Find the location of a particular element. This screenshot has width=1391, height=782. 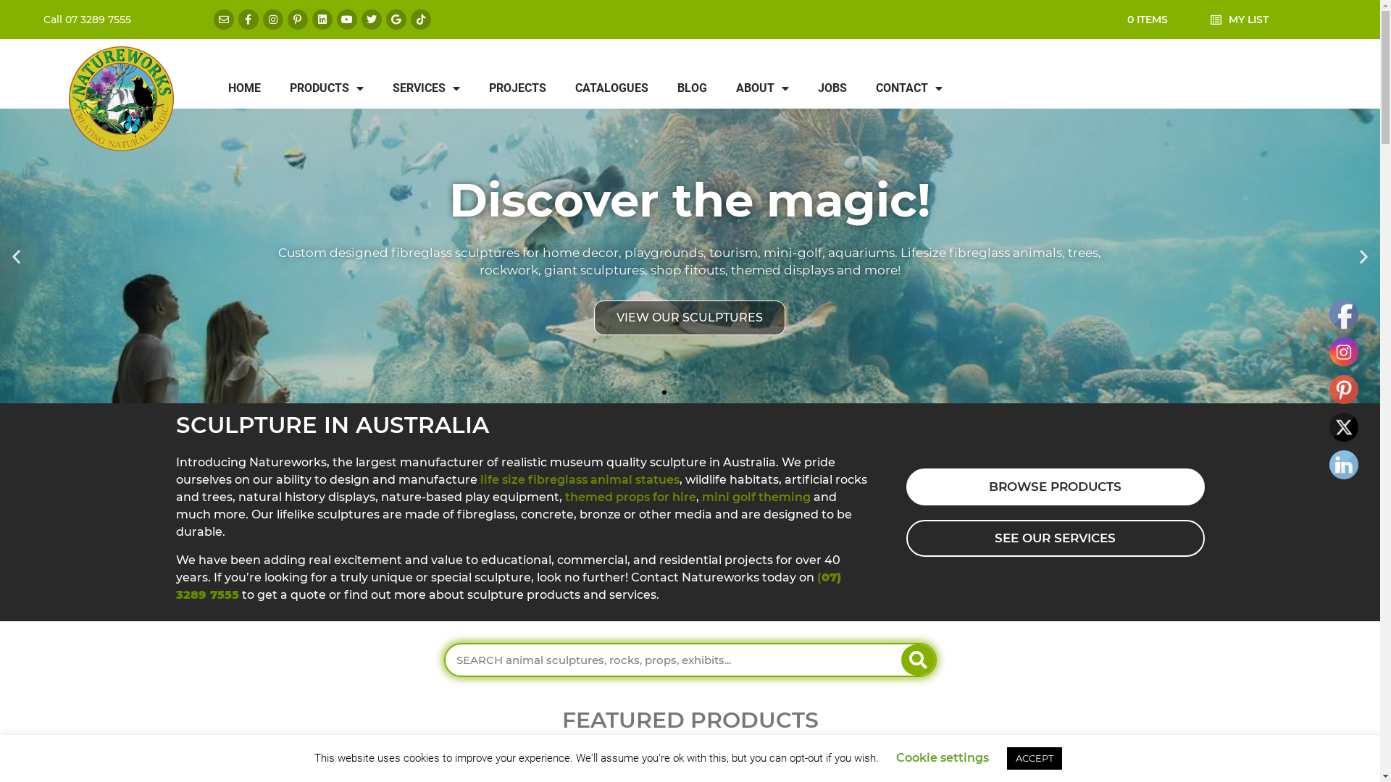

'SEE OUR SERVICES' is located at coordinates (1054, 538).